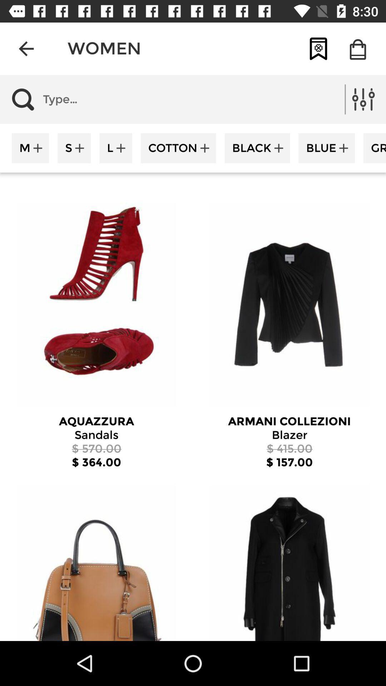 The height and width of the screenshot is (686, 386). What do you see at coordinates (178, 148) in the screenshot?
I see `icon next to the black` at bounding box center [178, 148].